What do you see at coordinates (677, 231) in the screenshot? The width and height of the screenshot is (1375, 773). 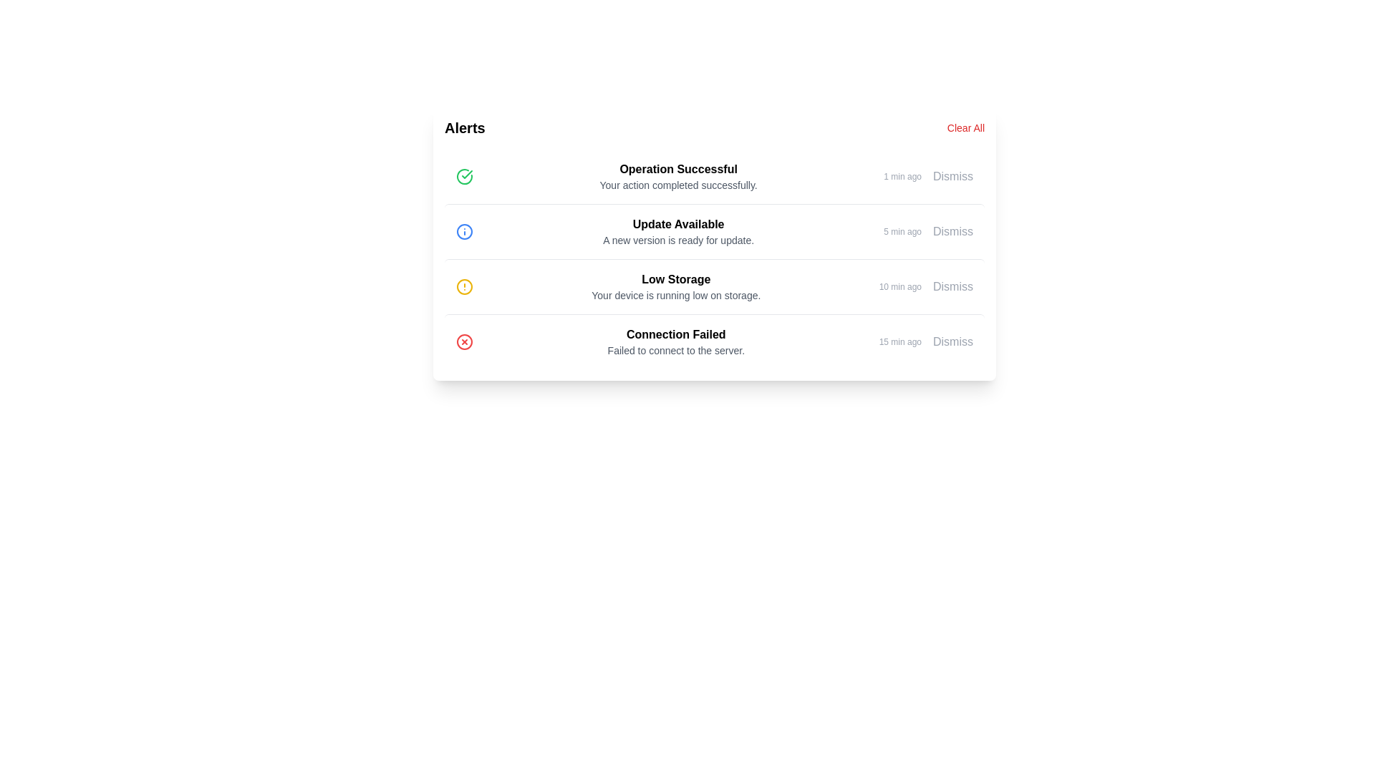 I see `the second notification in the notification panel that informs the user about a new version update, located below the 'Operation Successful' notification and above the 'Low Storage' notification` at bounding box center [677, 231].